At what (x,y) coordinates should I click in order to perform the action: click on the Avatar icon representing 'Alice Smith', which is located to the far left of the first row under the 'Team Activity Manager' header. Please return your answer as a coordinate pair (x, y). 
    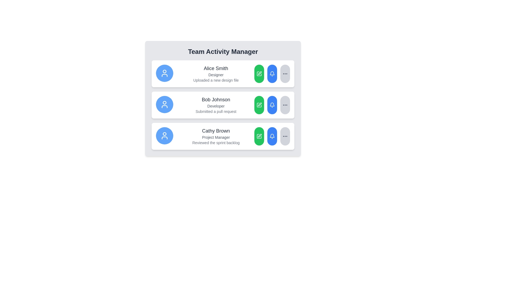
    Looking at the image, I should click on (164, 73).